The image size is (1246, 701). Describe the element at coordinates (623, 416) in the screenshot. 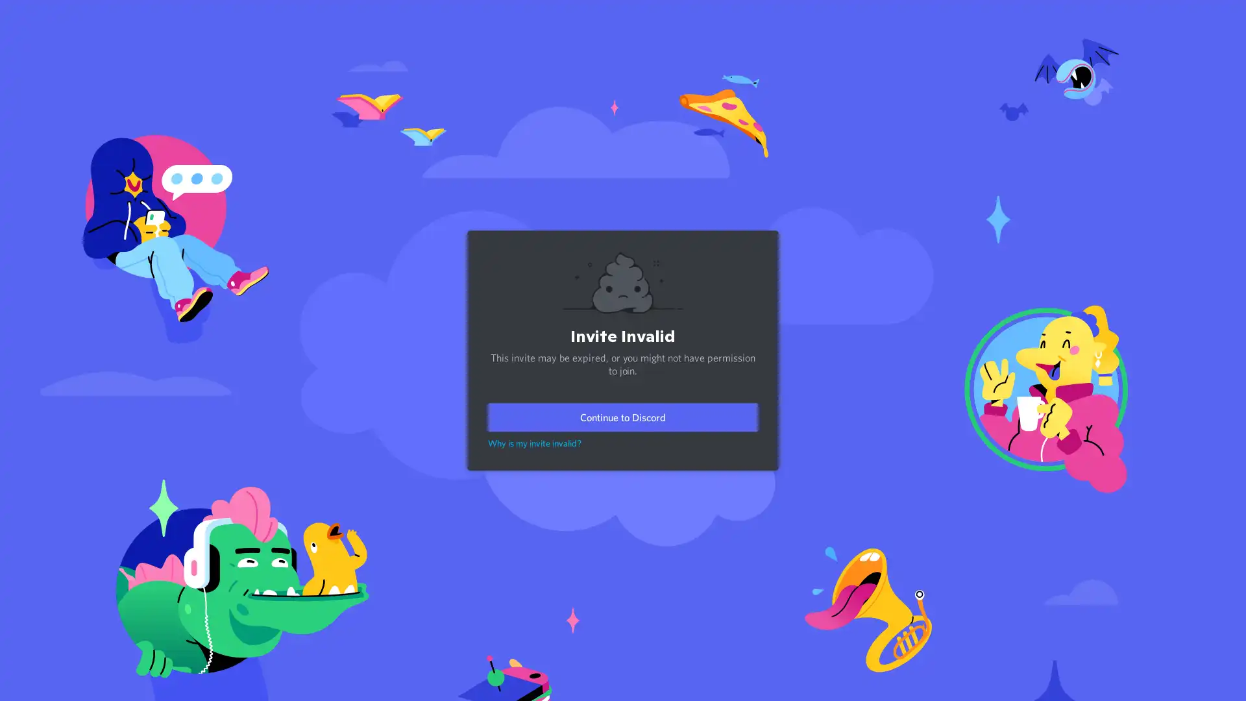

I see `Continue to Discord` at that location.